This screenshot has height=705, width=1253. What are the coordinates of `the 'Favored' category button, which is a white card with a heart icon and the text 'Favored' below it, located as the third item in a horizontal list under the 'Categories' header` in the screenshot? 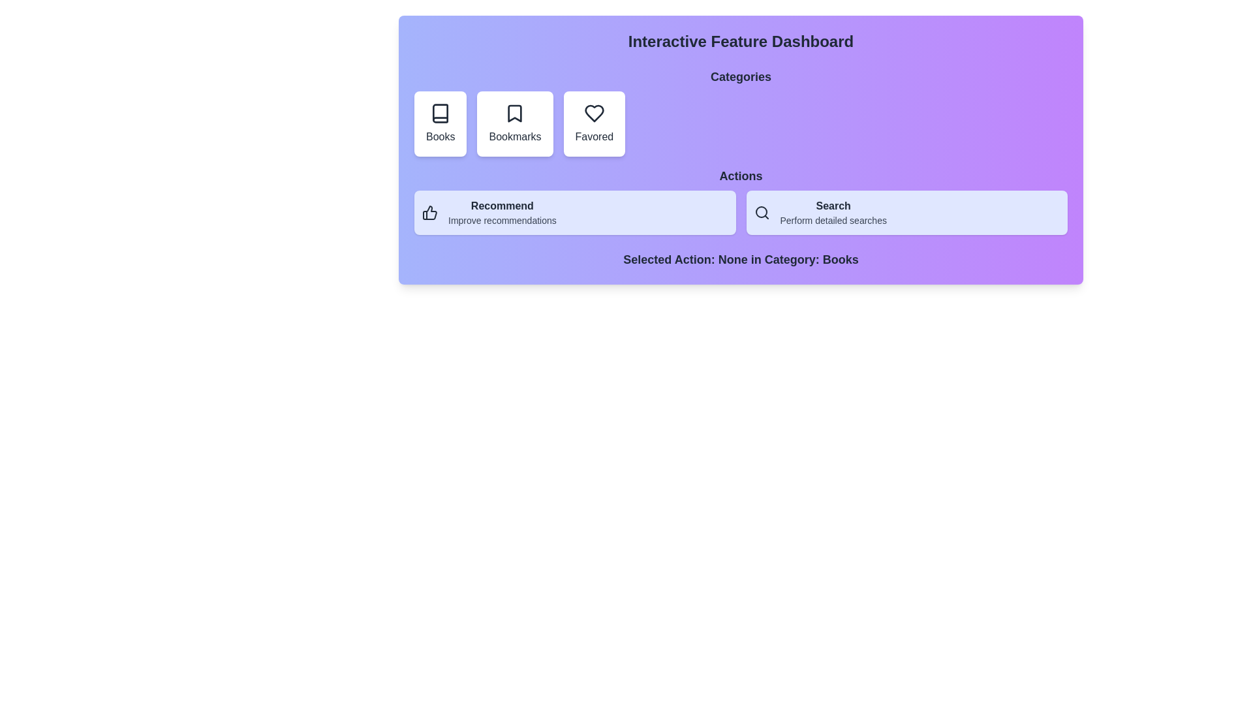 It's located at (593, 123).